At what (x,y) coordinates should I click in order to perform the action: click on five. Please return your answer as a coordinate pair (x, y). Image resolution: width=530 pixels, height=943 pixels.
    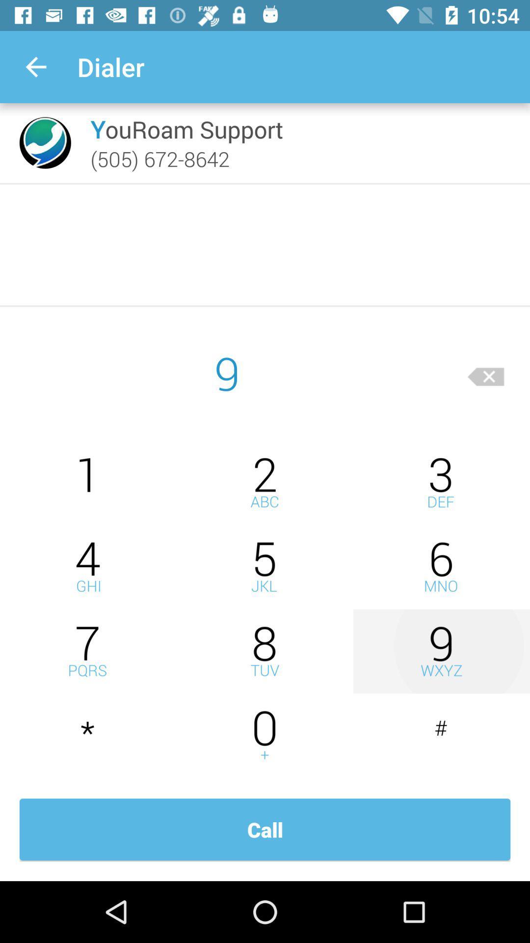
    Looking at the image, I should click on (265, 567).